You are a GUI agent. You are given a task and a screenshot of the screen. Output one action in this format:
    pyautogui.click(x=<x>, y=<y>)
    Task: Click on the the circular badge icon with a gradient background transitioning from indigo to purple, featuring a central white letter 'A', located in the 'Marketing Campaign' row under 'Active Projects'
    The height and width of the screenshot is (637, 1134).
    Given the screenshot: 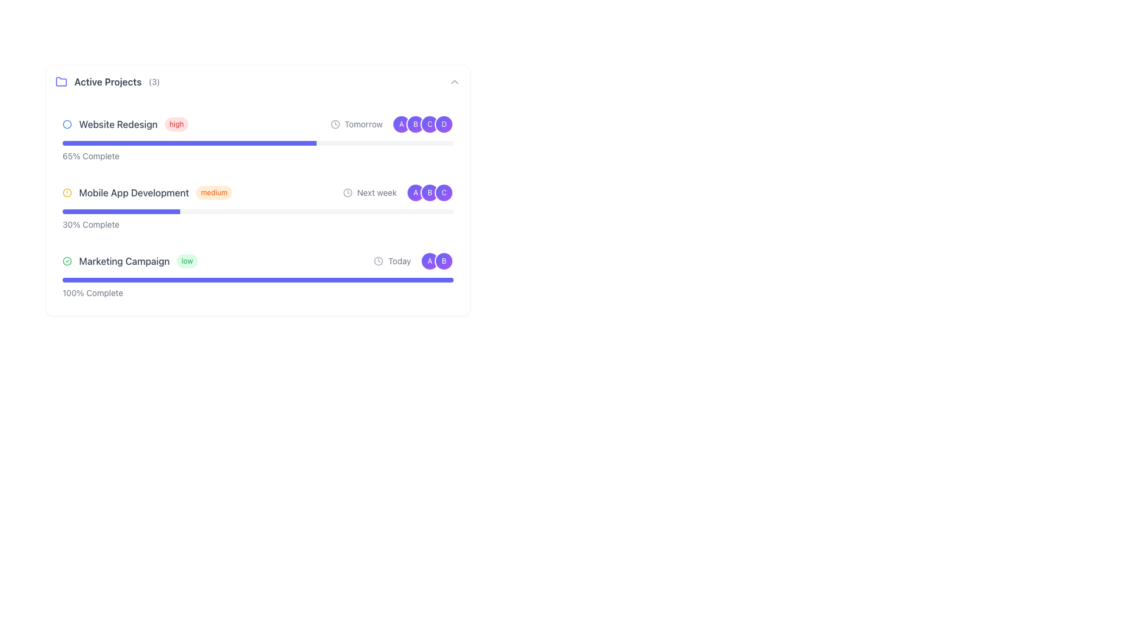 What is the action you would take?
    pyautogui.click(x=429, y=261)
    